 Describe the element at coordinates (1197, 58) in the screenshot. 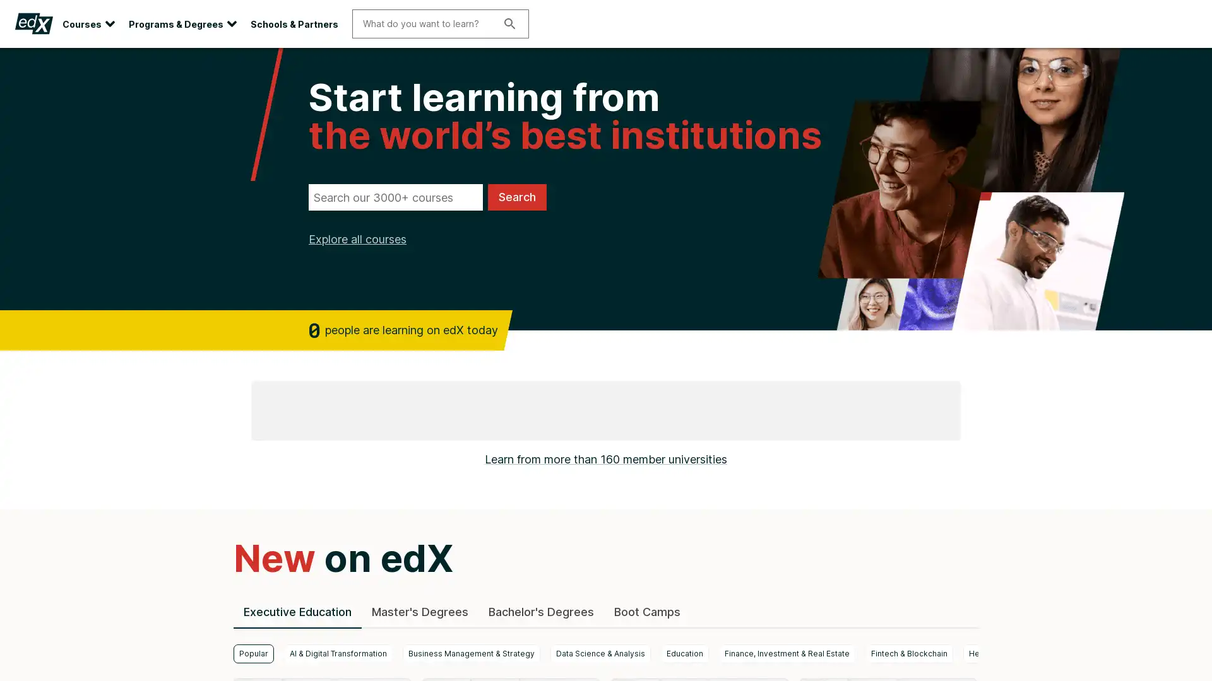

I see `Close site banner.` at that location.